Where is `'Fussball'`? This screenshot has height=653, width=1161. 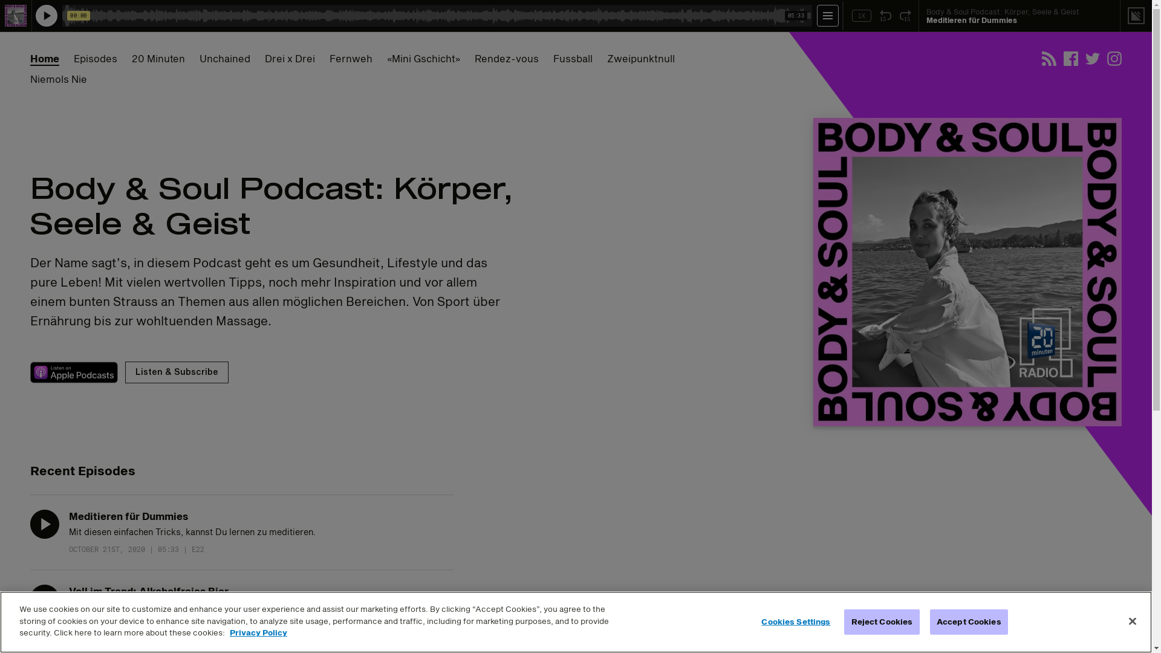 'Fussball' is located at coordinates (572, 58).